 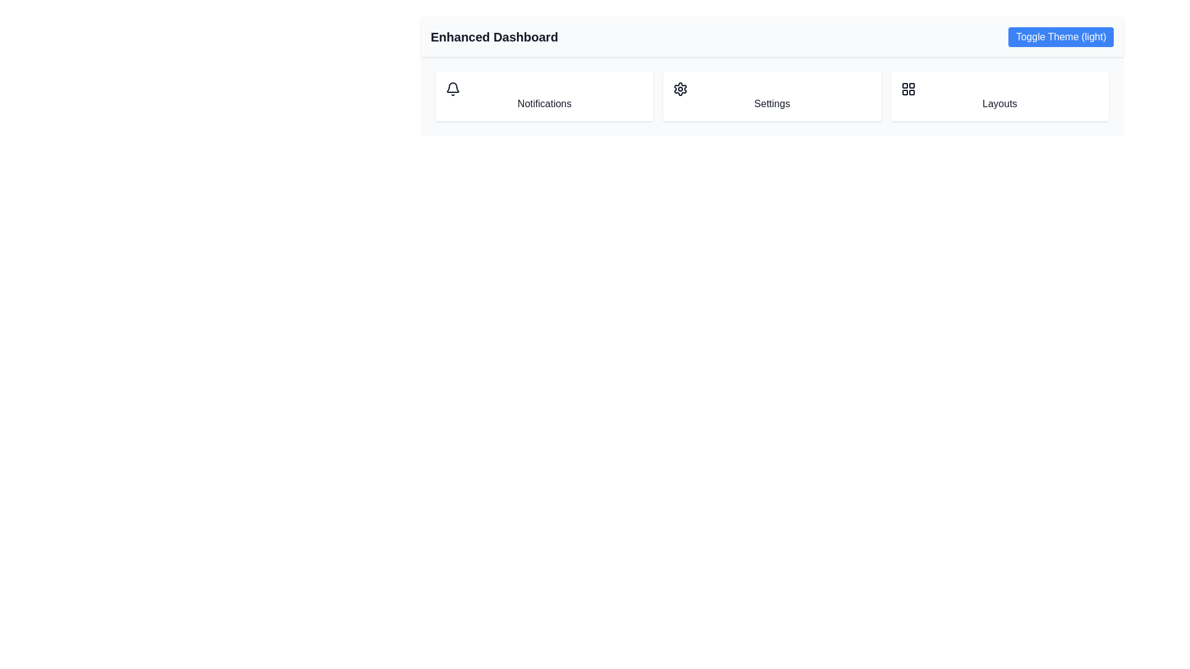 What do you see at coordinates (544, 95) in the screenshot?
I see `the 'Notifications' card` at bounding box center [544, 95].